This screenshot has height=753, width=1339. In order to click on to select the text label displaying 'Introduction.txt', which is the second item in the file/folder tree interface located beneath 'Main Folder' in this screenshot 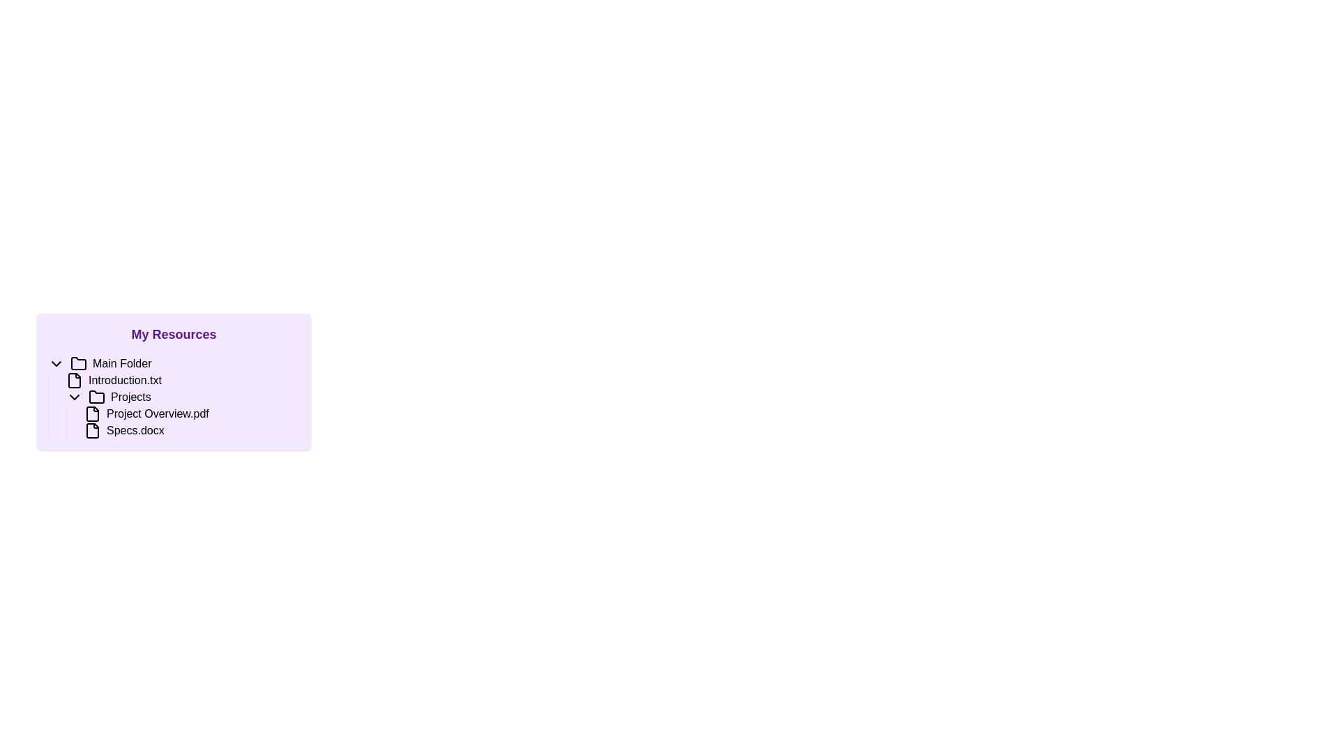, I will do `click(125, 381)`.